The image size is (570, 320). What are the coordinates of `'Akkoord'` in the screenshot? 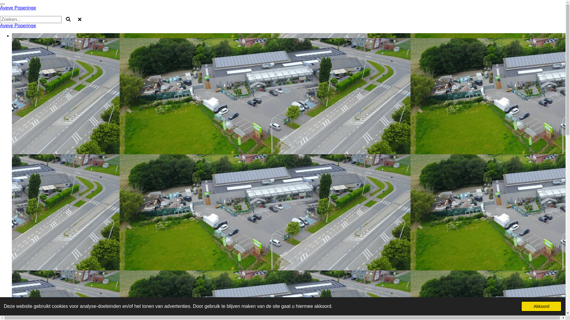 It's located at (541, 306).